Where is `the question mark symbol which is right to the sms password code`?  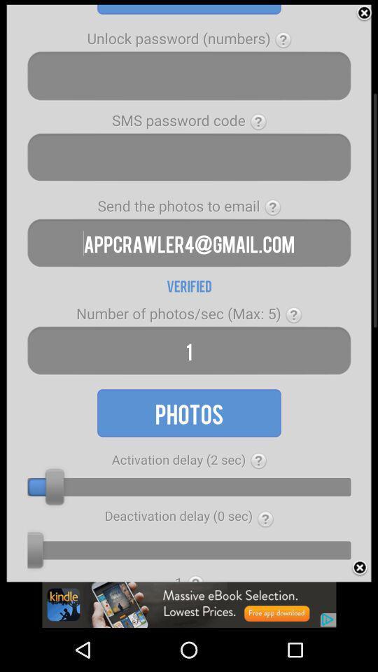 the question mark symbol which is right to the sms password code is located at coordinates (258, 121).